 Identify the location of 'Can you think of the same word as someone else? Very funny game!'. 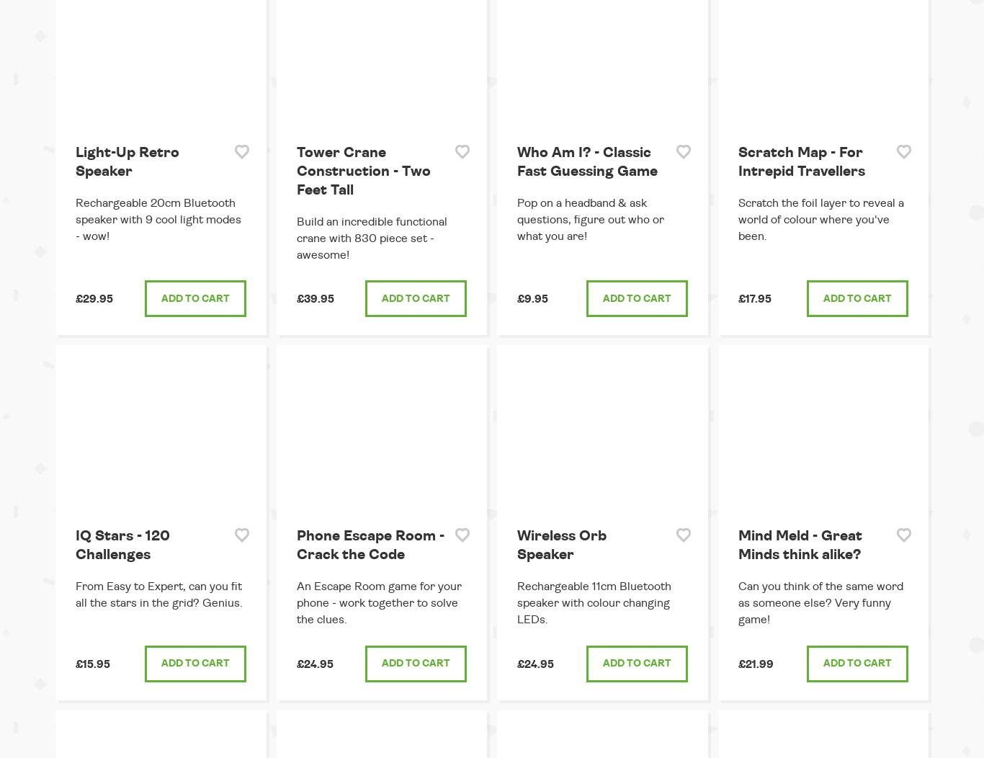
(819, 602).